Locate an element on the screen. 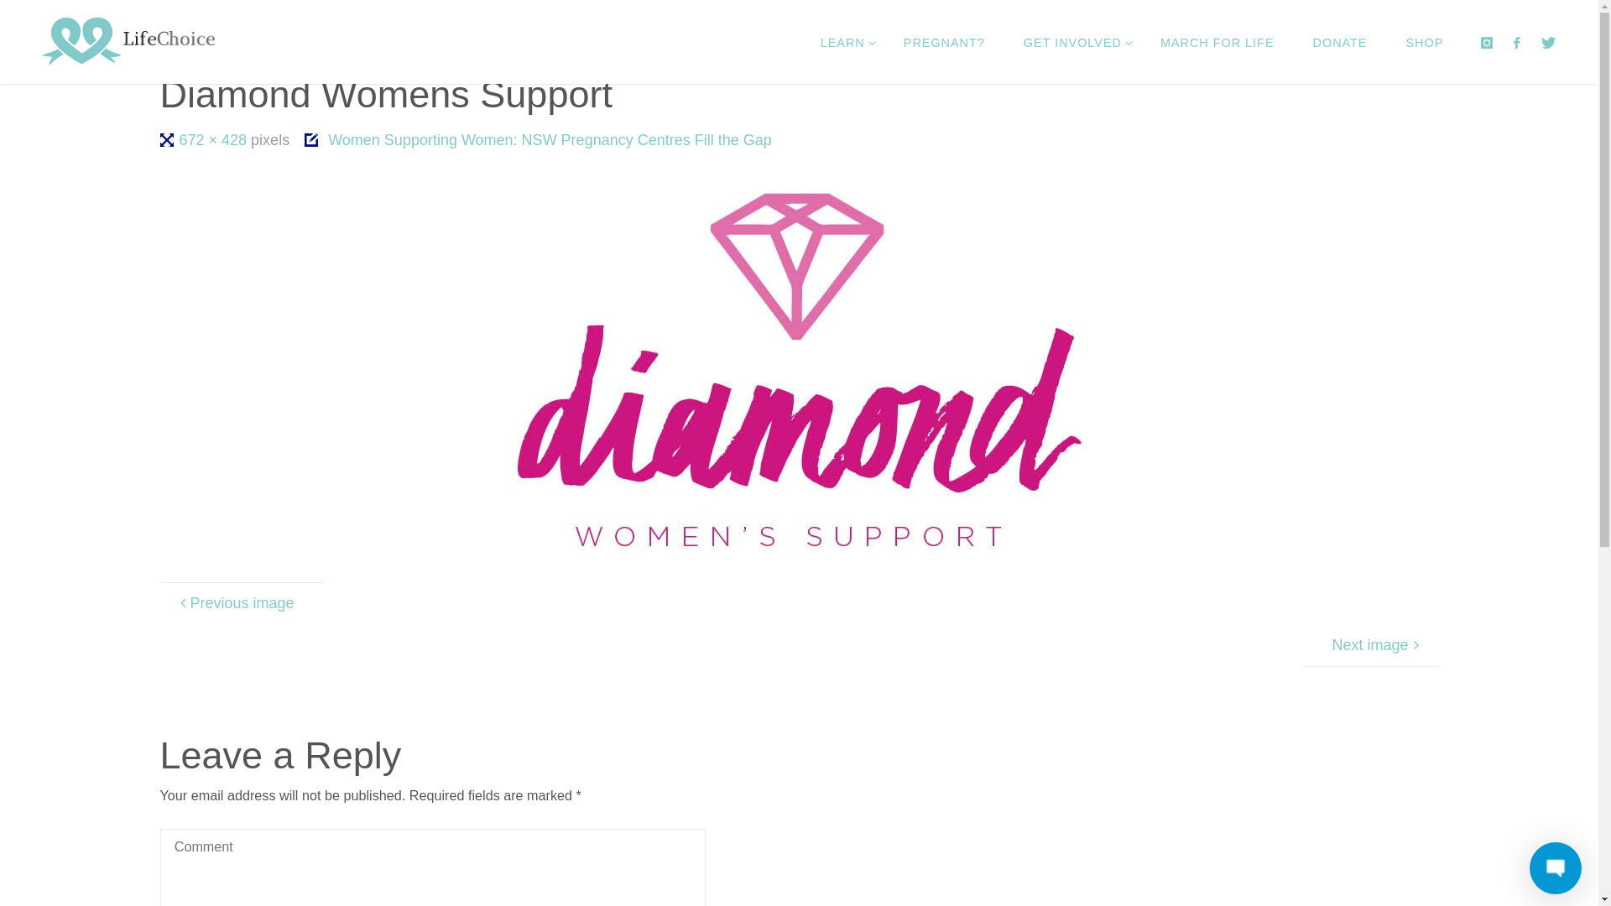 The height and width of the screenshot is (906, 1611). 'Instagram' is located at coordinates (1486, 41).